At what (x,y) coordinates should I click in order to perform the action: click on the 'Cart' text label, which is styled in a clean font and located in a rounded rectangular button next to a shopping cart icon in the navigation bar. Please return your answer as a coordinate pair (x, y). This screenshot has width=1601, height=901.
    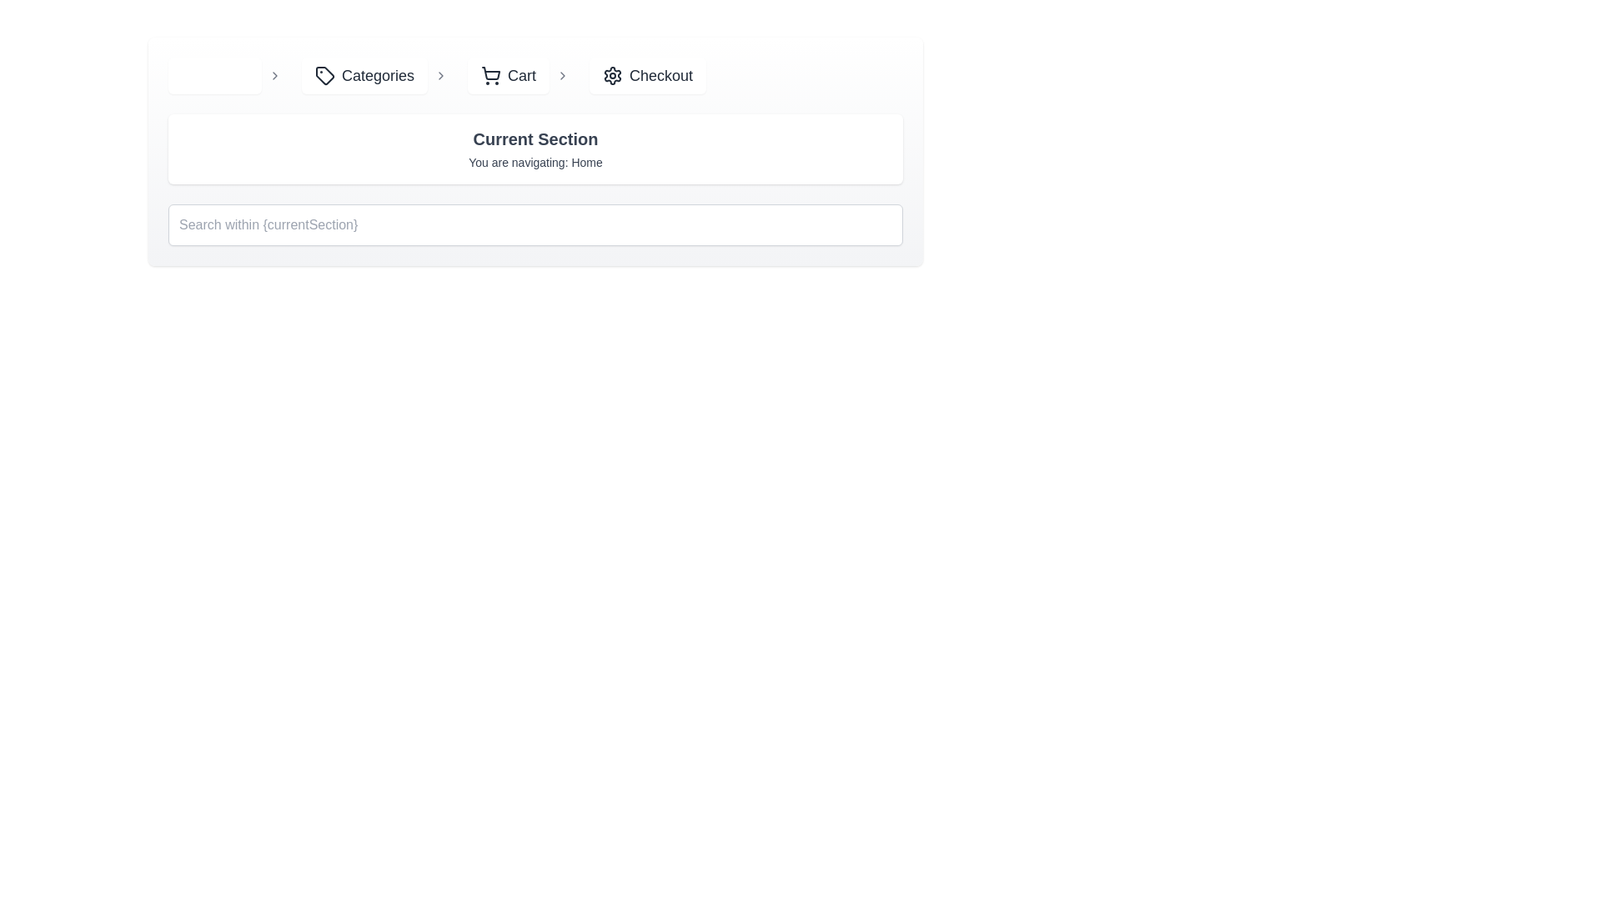
    Looking at the image, I should click on (521, 76).